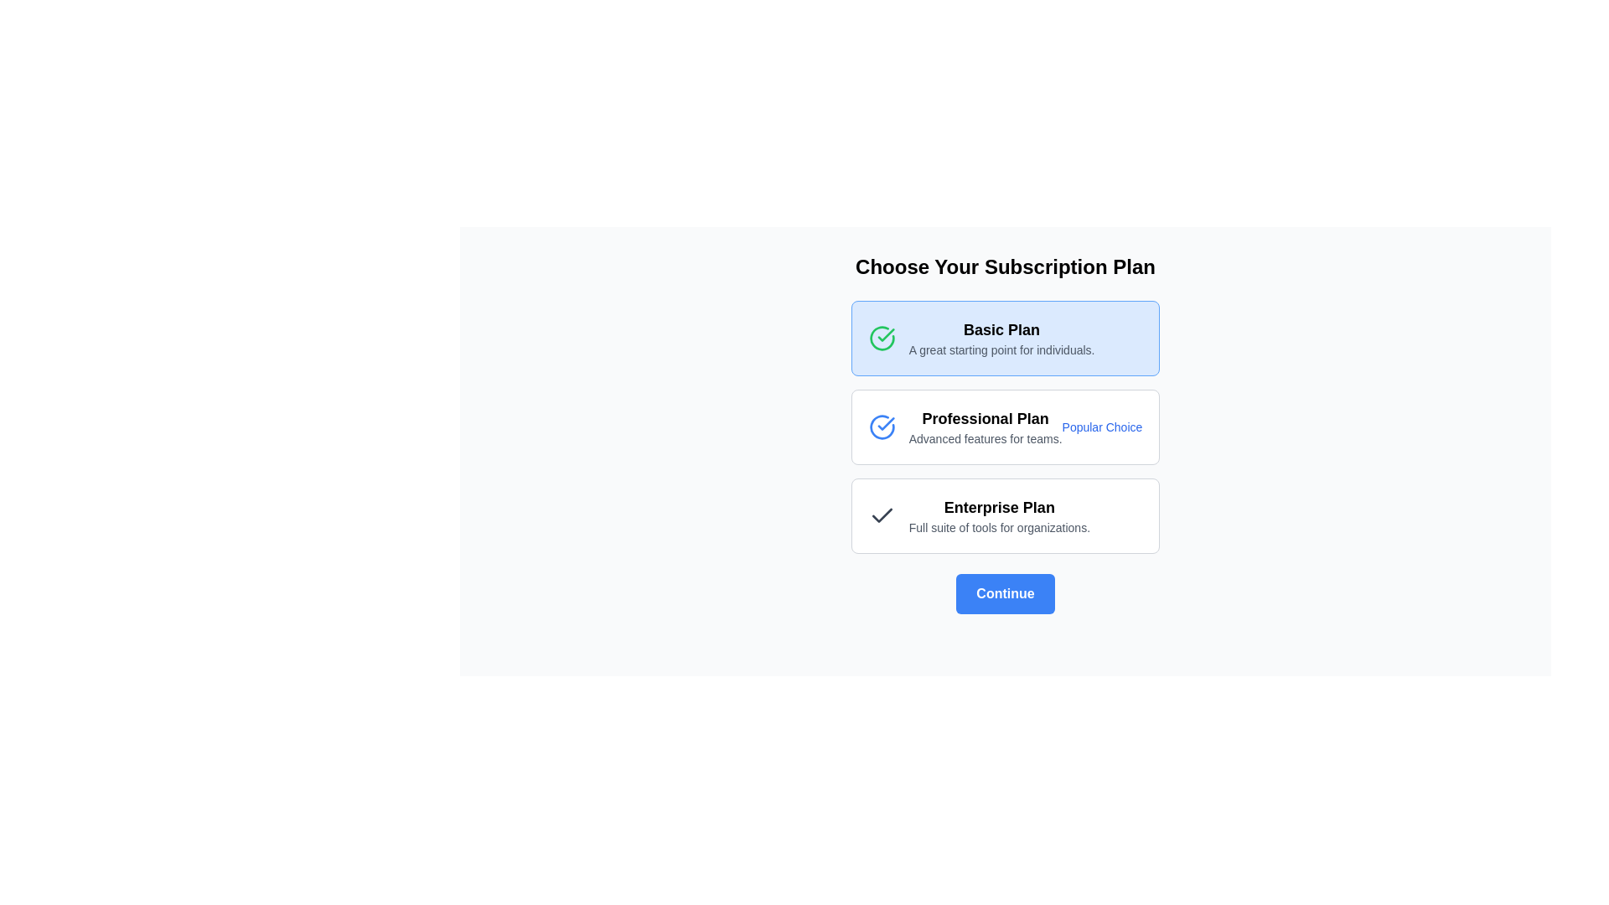 Image resolution: width=1609 pixels, height=905 pixels. What do you see at coordinates (1006, 515) in the screenshot?
I see `the 'Enterprise Plan' selection card, which is the third card in a vertical stack of three cards` at bounding box center [1006, 515].